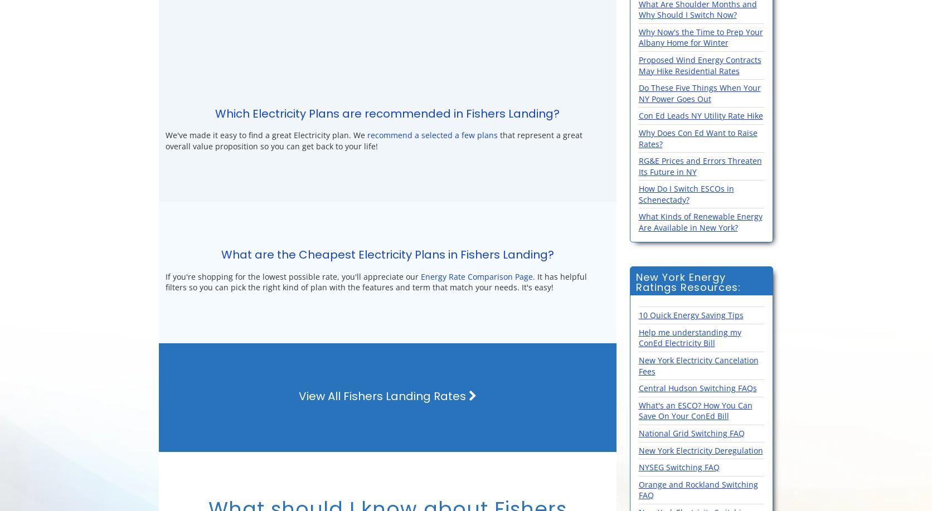  I want to click on 'What Kinds of Renewable Energy Are Available in New York?', so click(700, 222).